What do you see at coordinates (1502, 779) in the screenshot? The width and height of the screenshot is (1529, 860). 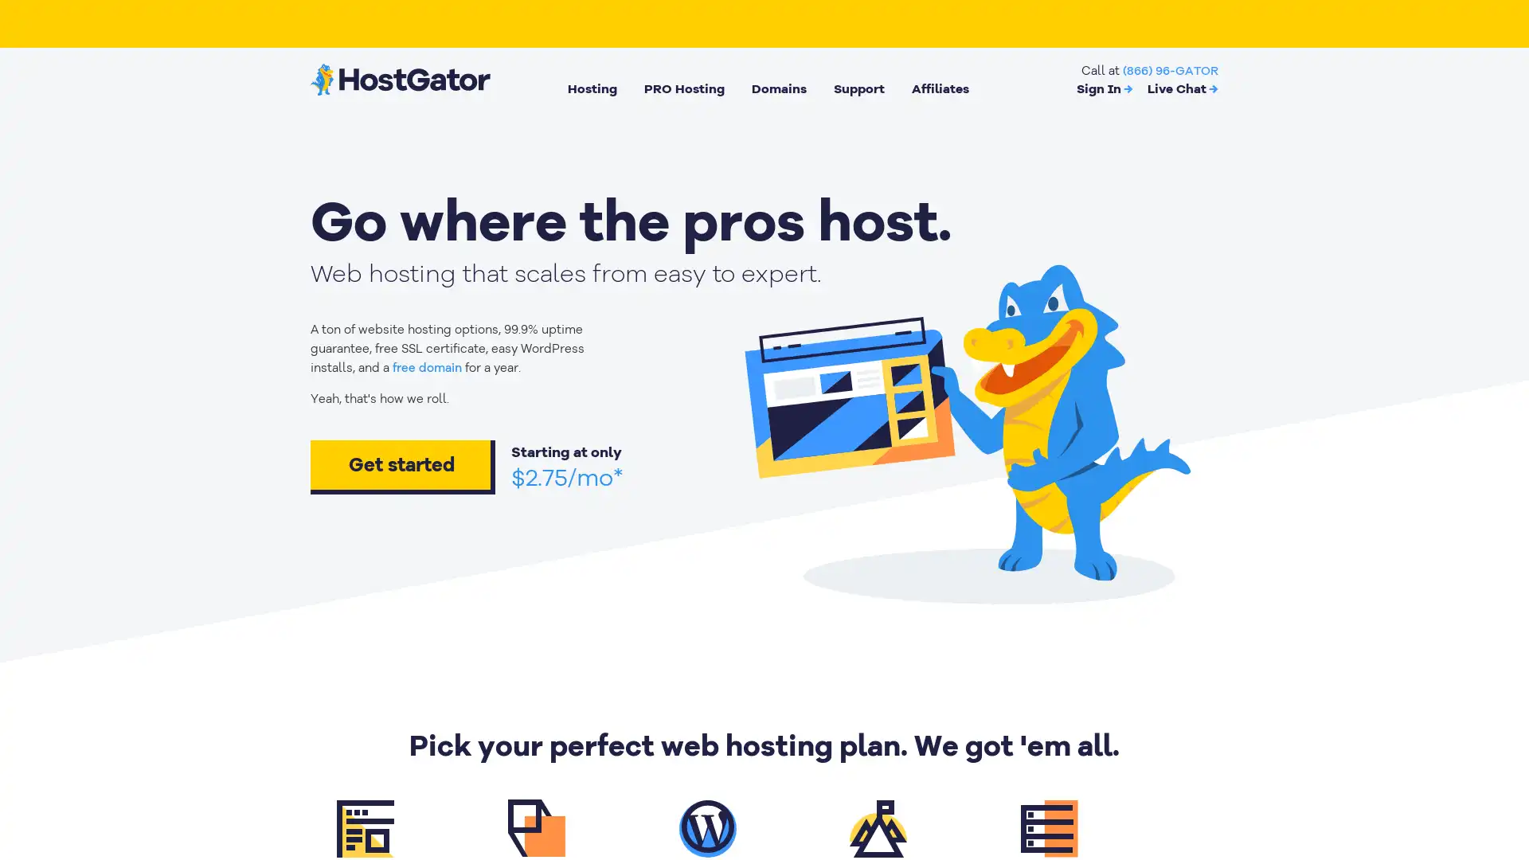 I see `Explore your accessibility options` at bounding box center [1502, 779].